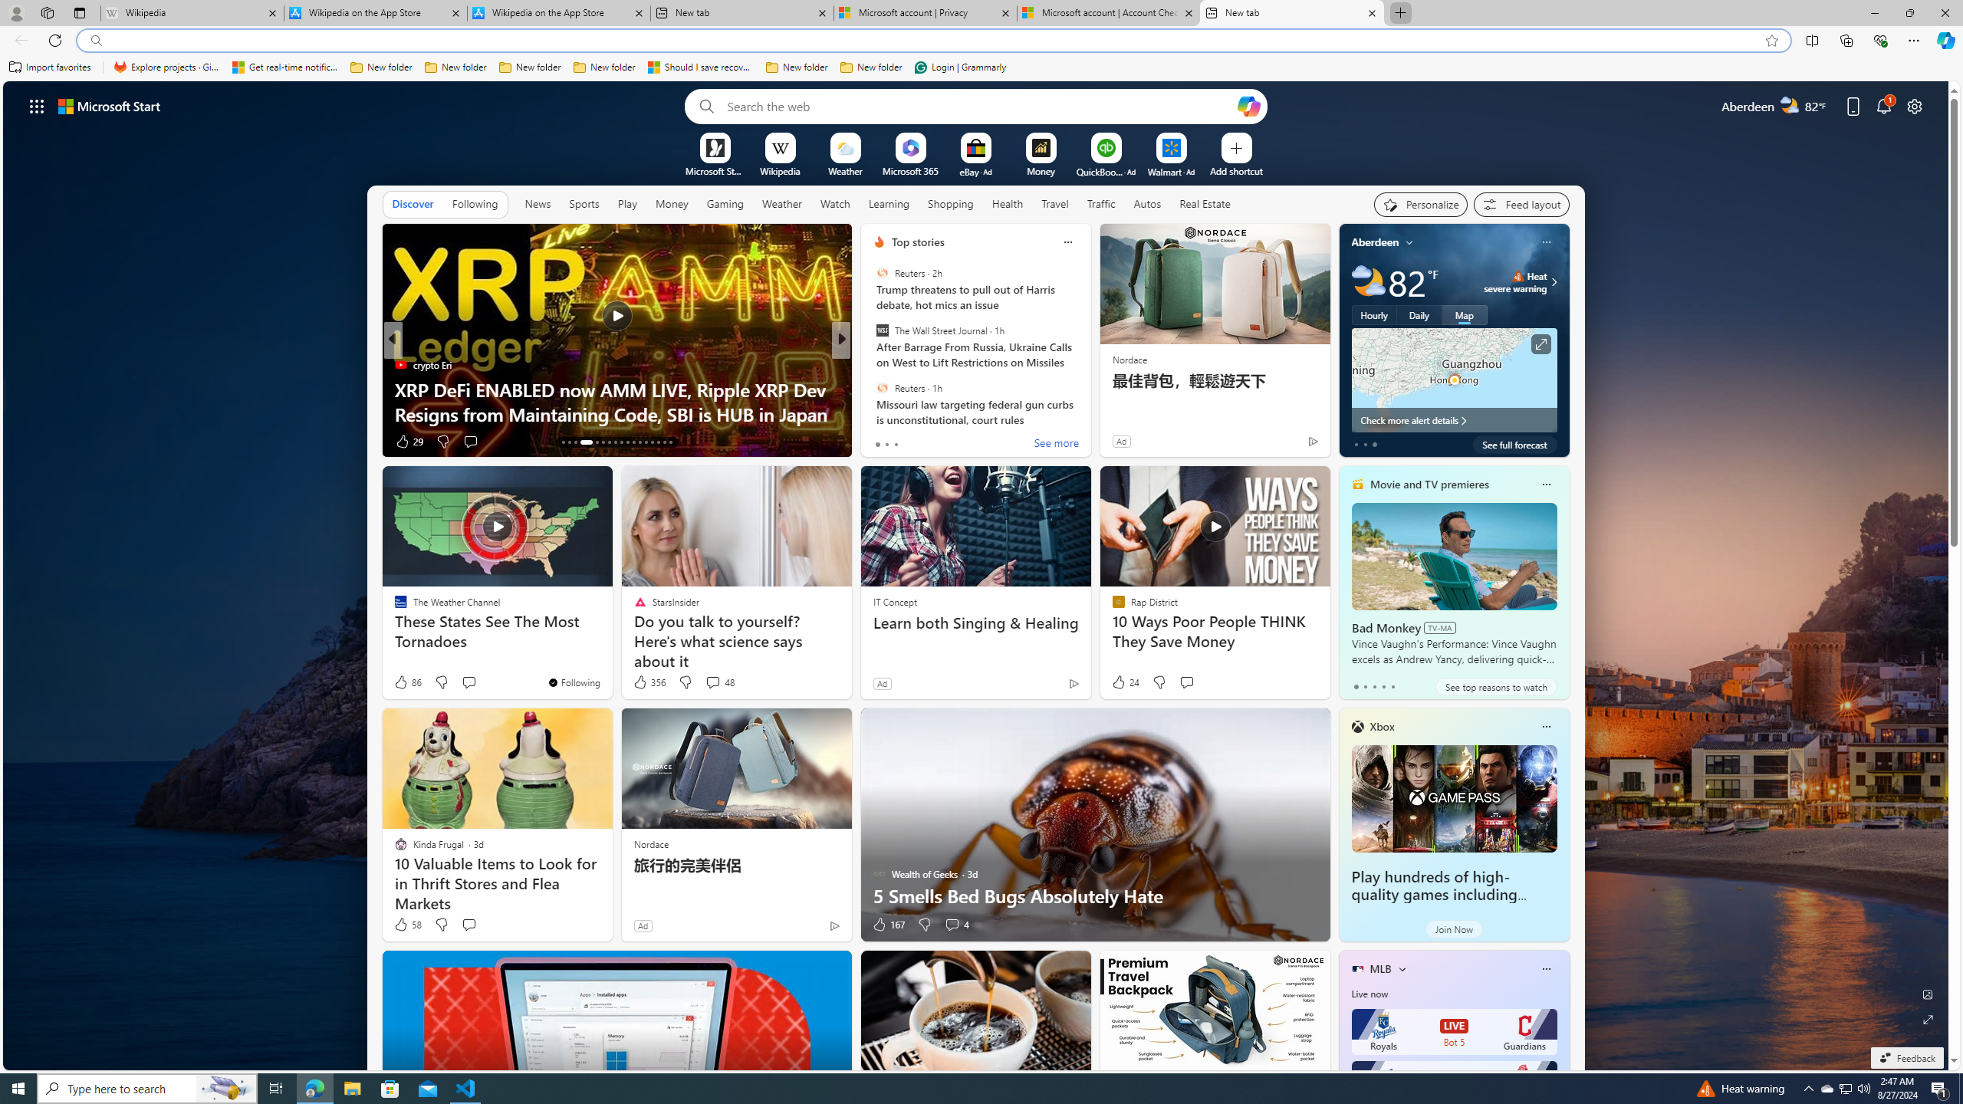 Image resolution: width=1963 pixels, height=1104 pixels. What do you see at coordinates (871, 67) in the screenshot?
I see `'New folder'` at bounding box center [871, 67].